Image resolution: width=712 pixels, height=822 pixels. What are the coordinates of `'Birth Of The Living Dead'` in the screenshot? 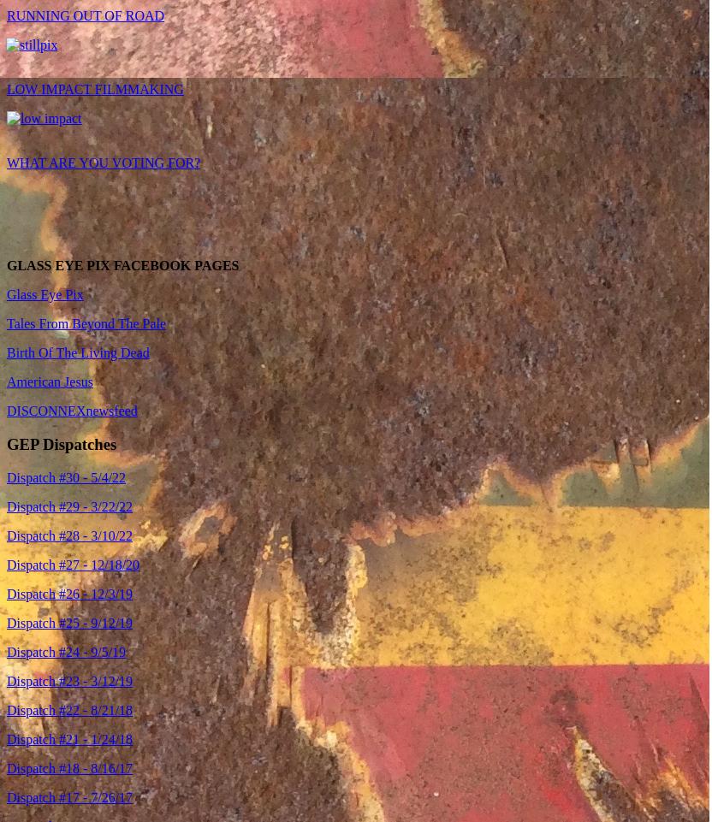 It's located at (77, 352).